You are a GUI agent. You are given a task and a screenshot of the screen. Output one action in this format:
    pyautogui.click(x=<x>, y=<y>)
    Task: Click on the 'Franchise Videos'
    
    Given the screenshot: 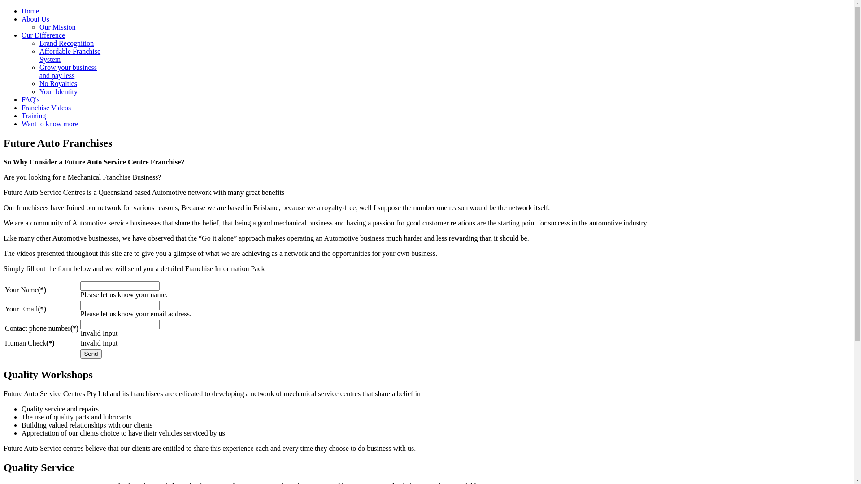 What is the action you would take?
    pyautogui.click(x=22, y=107)
    